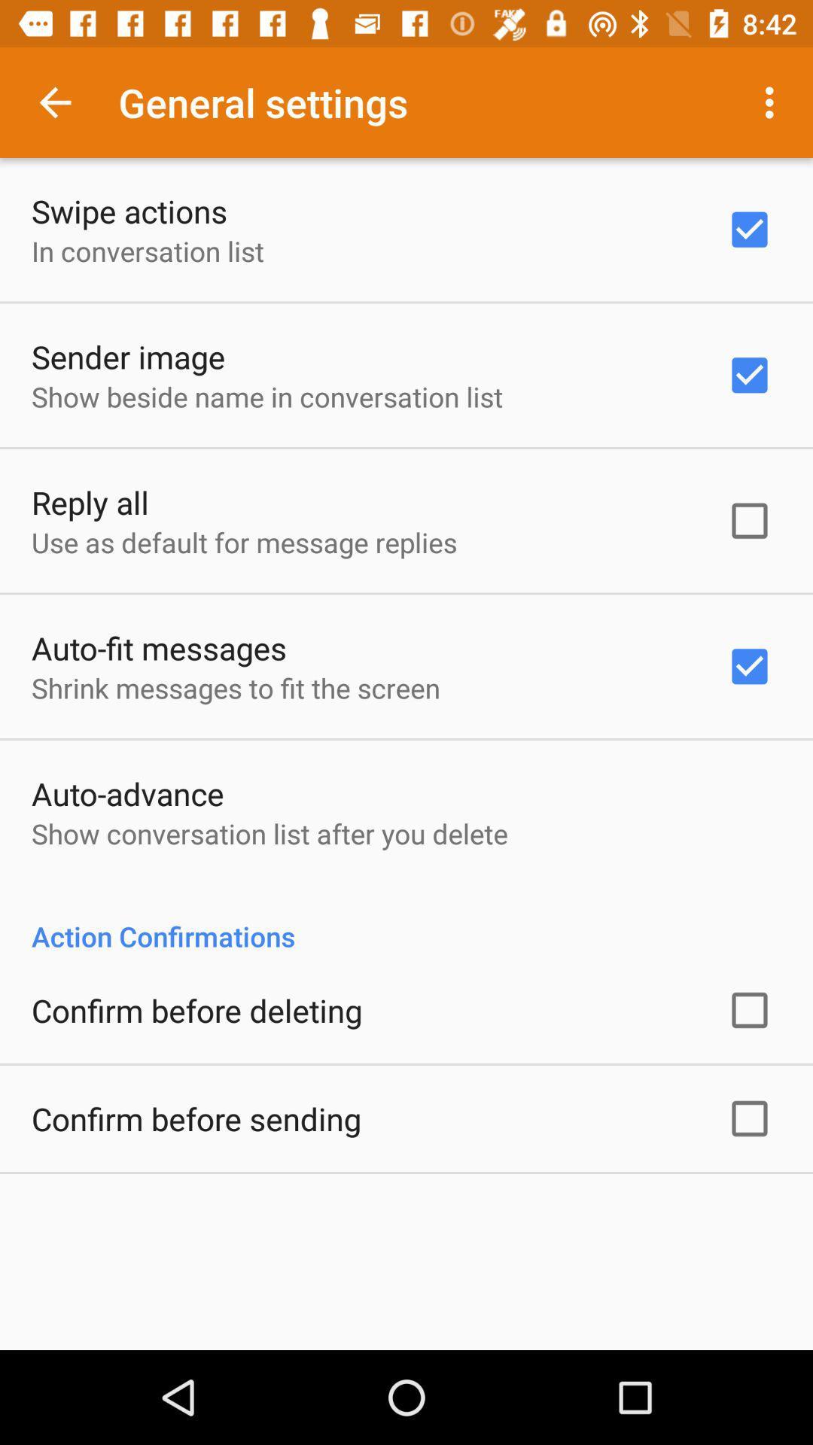 The image size is (813, 1445). What do you see at coordinates (773, 102) in the screenshot?
I see `app next to the general settings` at bounding box center [773, 102].